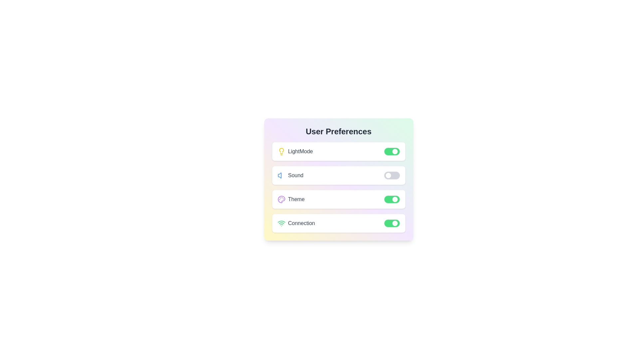 Image resolution: width=639 pixels, height=359 pixels. What do you see at coordinates (338, 179) in the screenshot?
I see `the sound toggle setting in the User Preferences panel` at bounding box center [338, 179].